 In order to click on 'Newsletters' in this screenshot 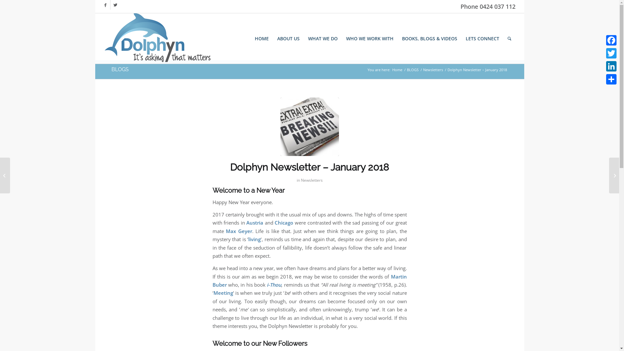, I will do `click(433, 70)`.